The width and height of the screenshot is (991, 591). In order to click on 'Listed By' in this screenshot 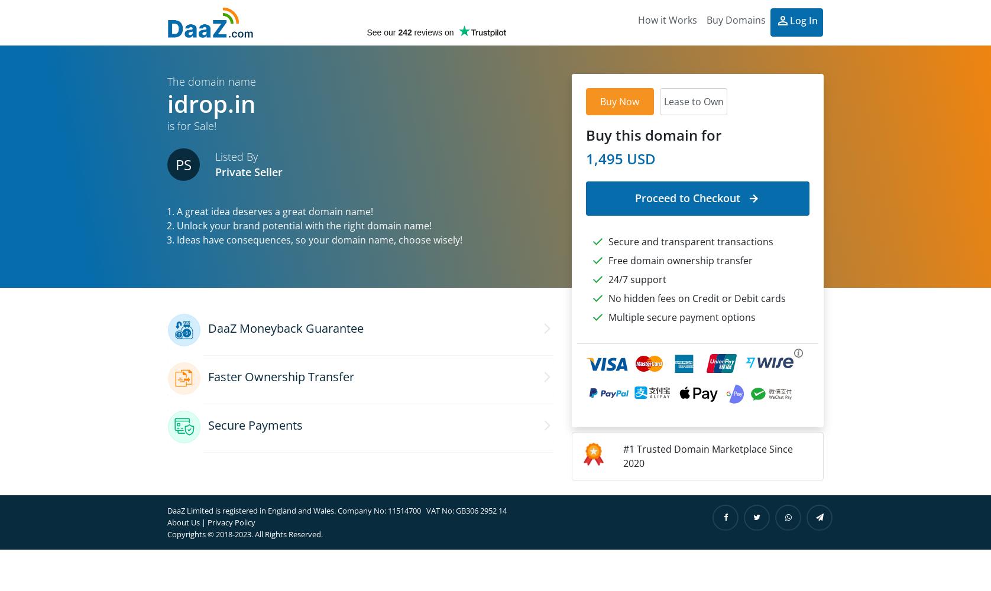, I will do `click(215, 156)`.